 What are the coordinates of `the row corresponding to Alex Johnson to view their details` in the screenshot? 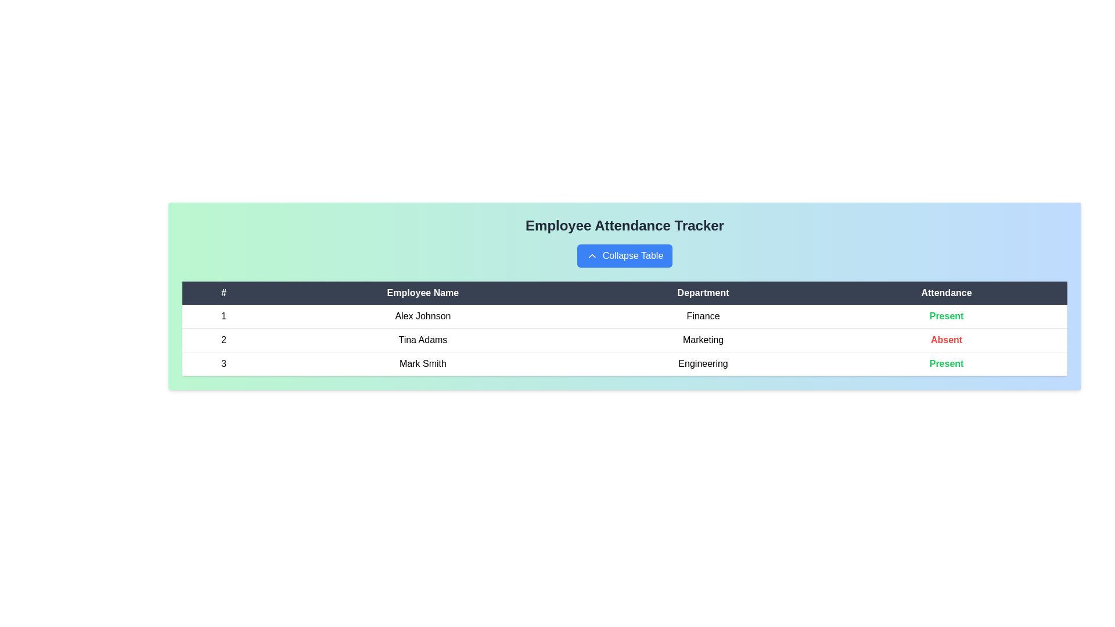 It's located at (422, 316).